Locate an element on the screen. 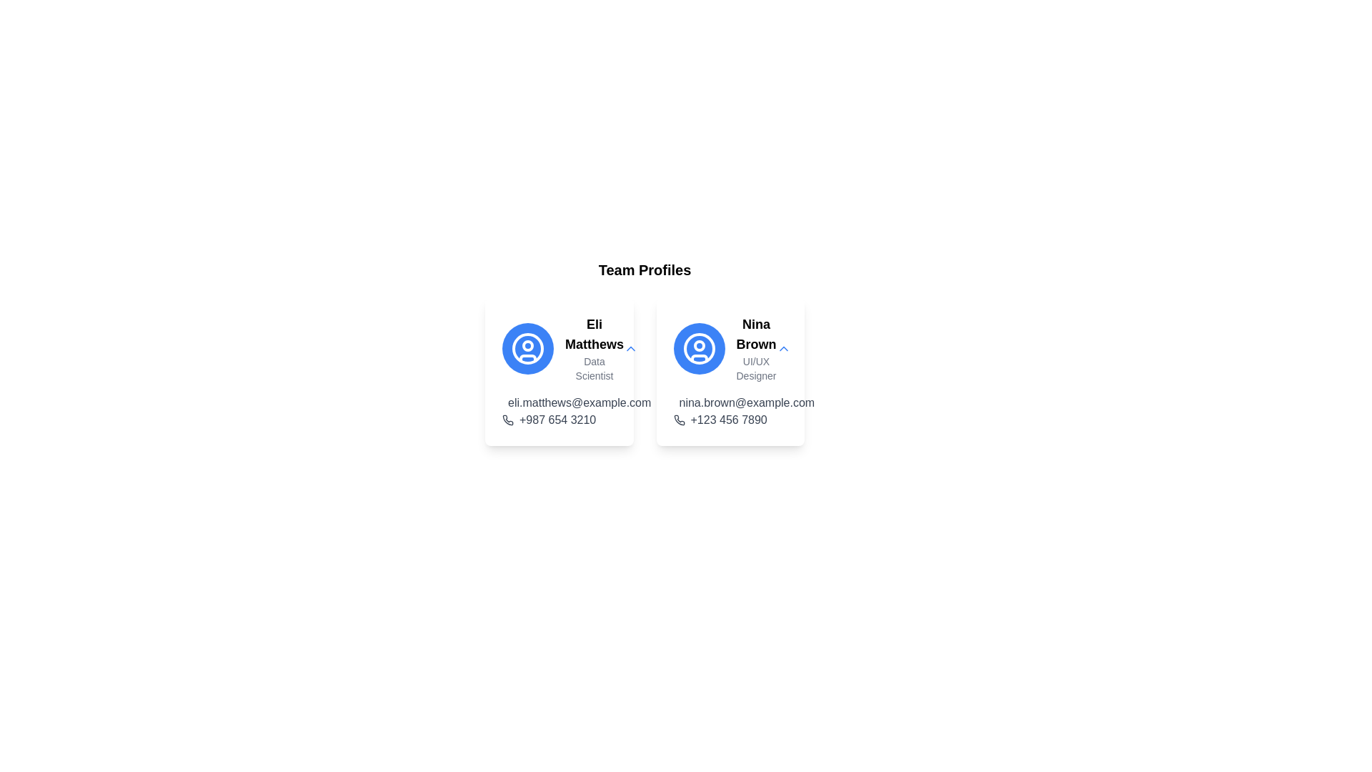 The width and height of the screenshot is (1372, 772). the profile image icon located at the top-left corner of the team profile card under 'Eli Matthews' is located at coordinates (527, 349).